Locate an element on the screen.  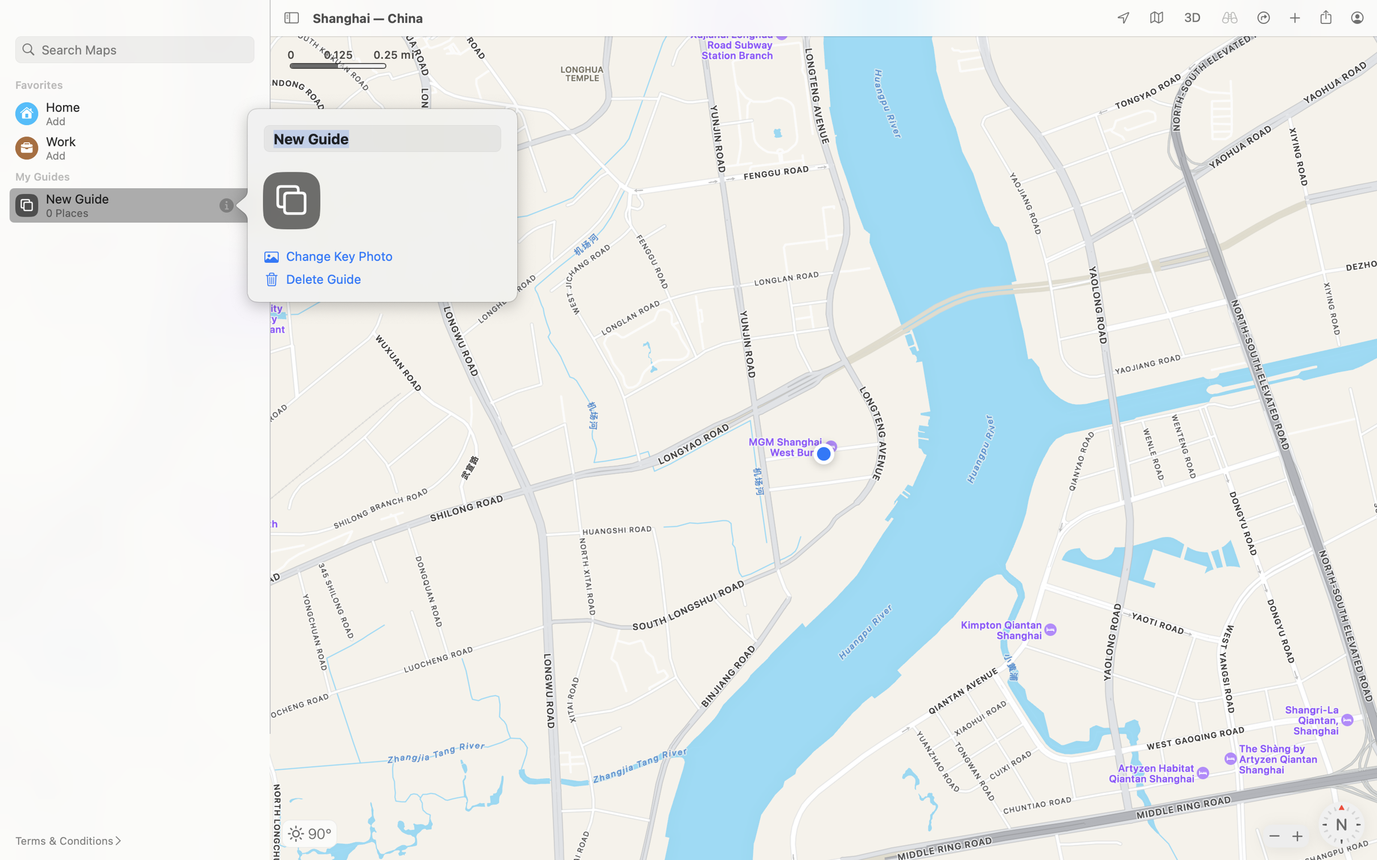
'New Guide' is located at coordinates (382, 138).